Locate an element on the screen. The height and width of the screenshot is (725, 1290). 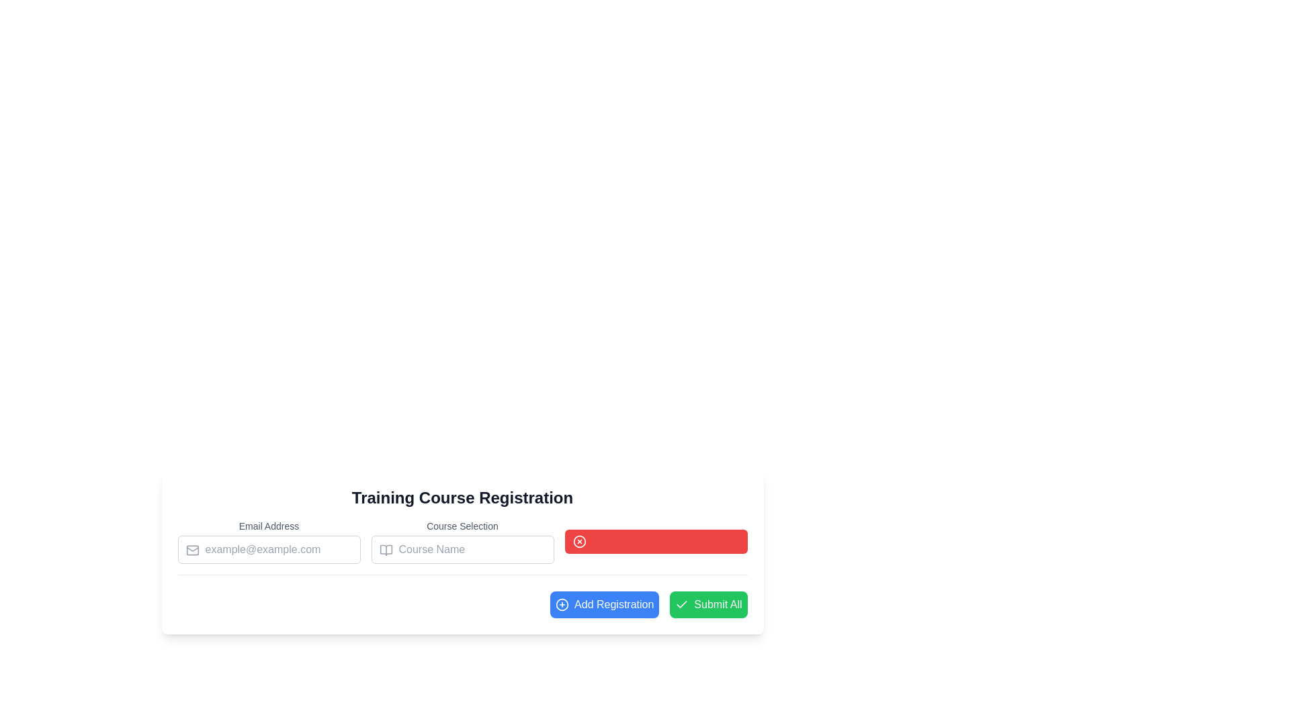
the blue button labeled 'Add Registration' which contains the icon on its left side is located at coordinates (562, 605).